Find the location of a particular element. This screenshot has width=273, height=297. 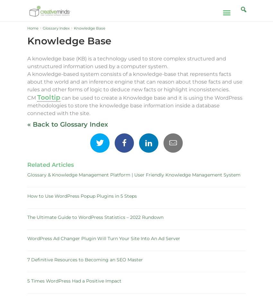

'7 Definitive Resources to Becoming an SEO Master' is located at coordinates (85, 260).